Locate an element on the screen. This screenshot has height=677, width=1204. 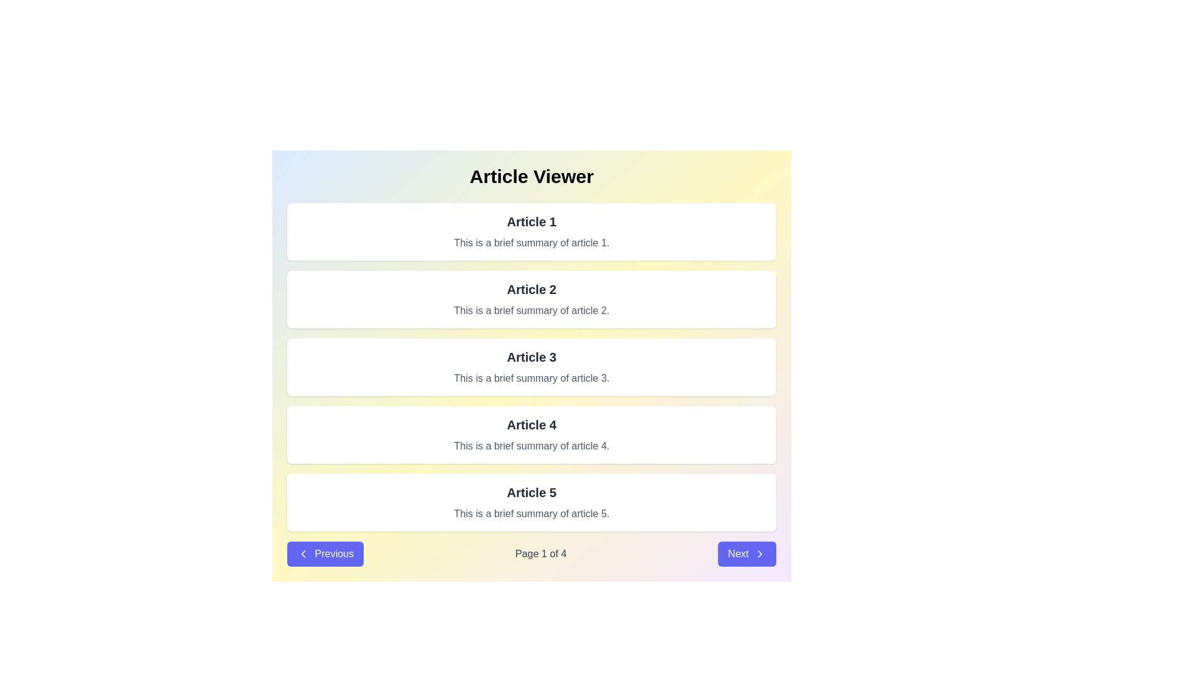
the text label that reads 'This is a brief summary of article 4.' which is positioned beneath the 'Article 4' heading in the fourth card of a vertically arranged list is located at coordinates (532, 446).